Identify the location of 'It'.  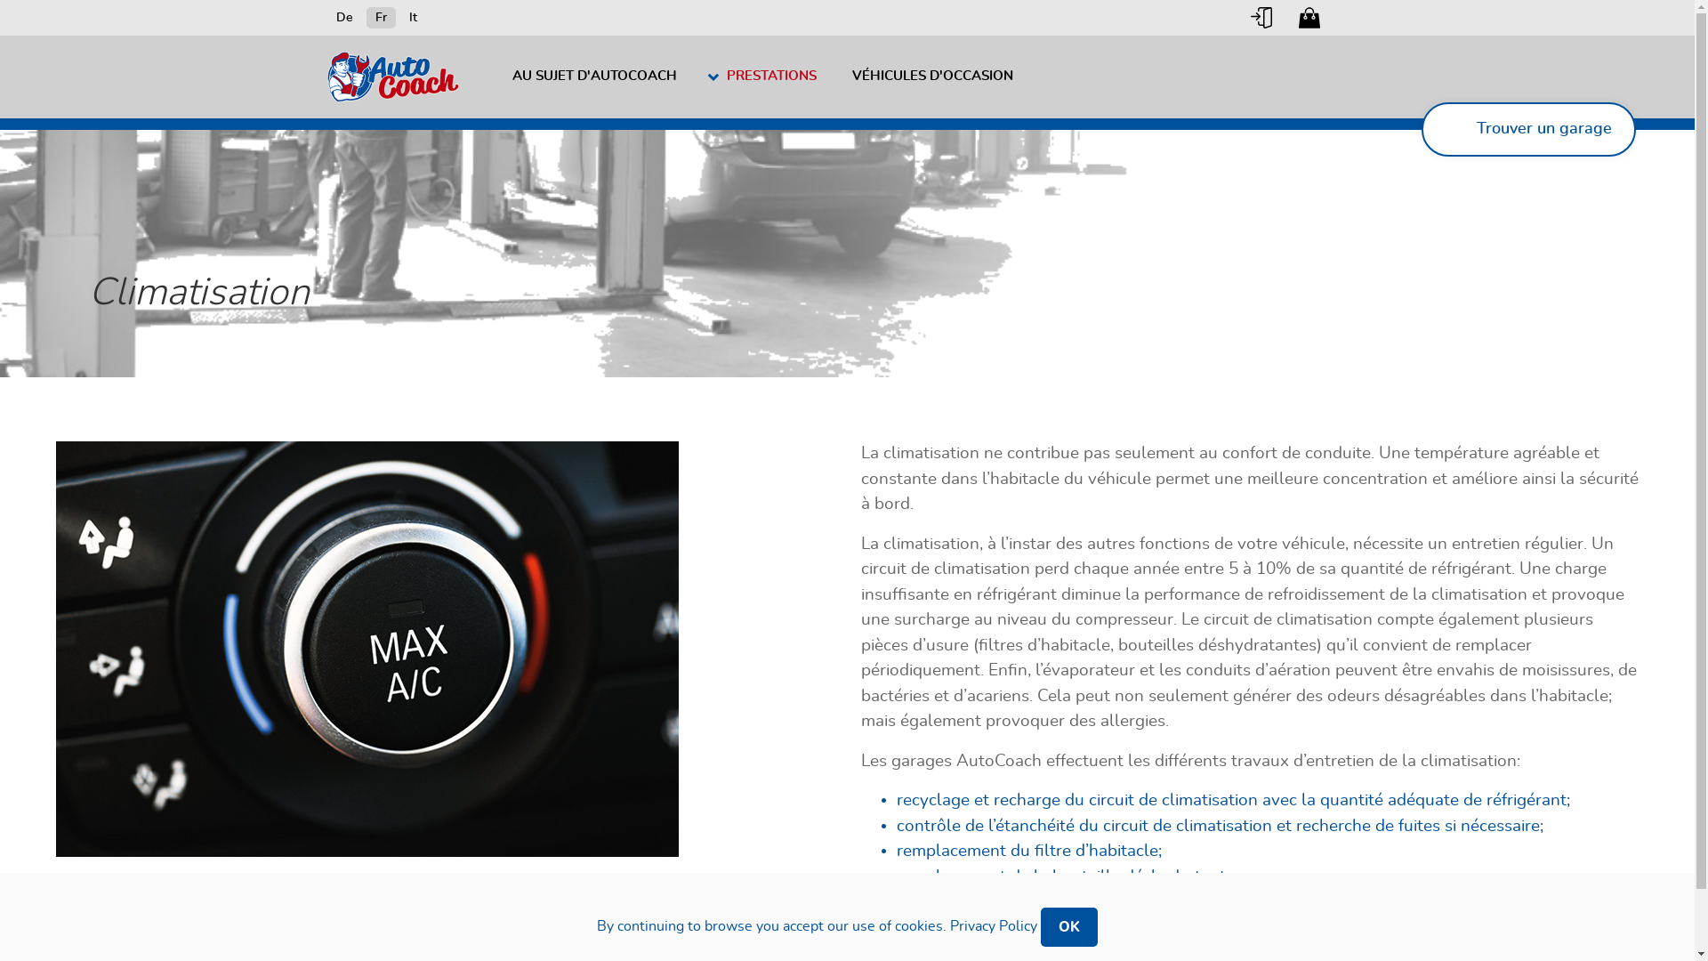
(412, 17).